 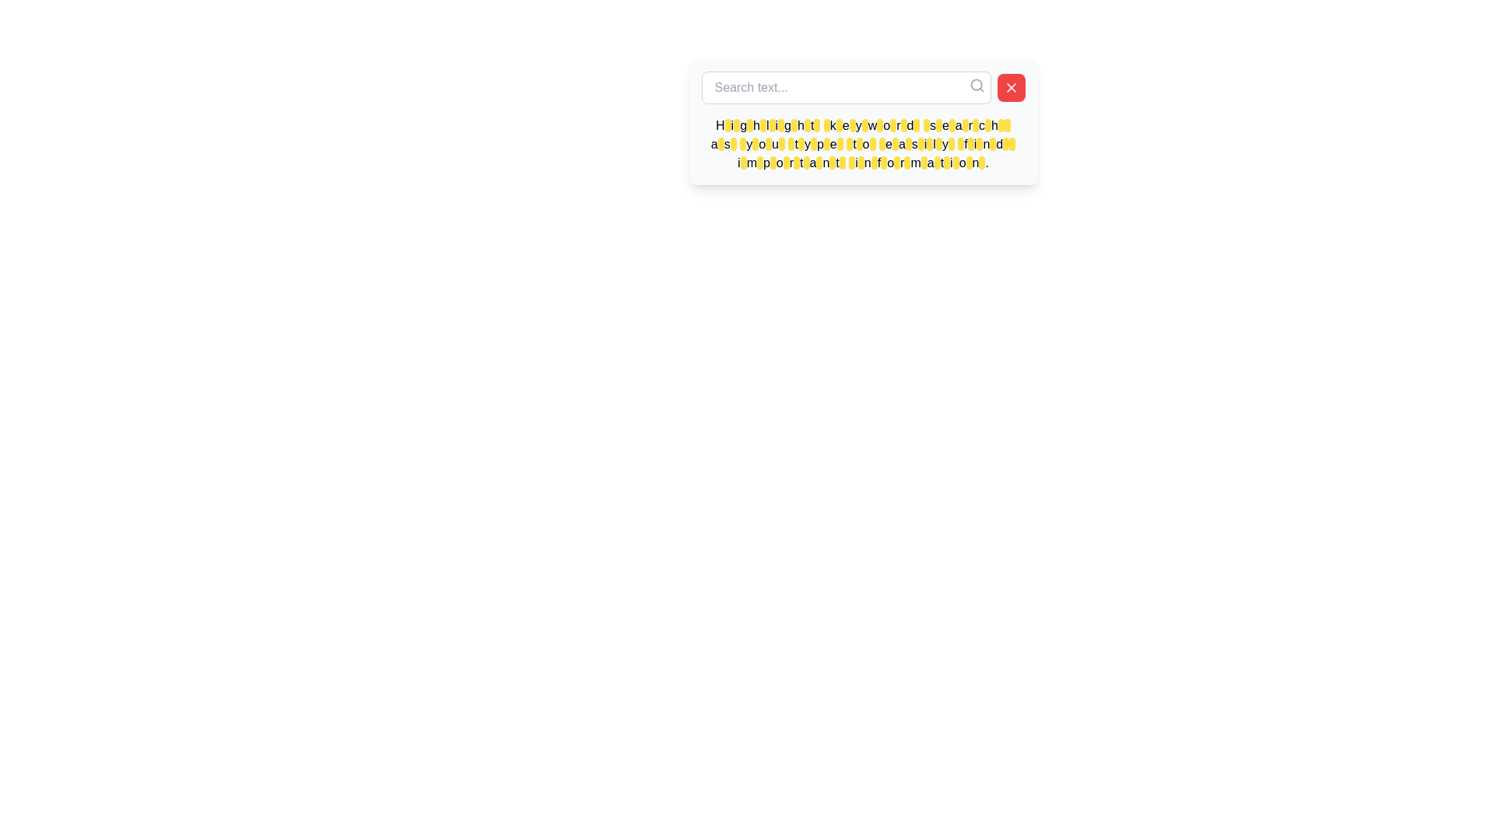 What do you see at coordinates (970, 144) in the screenshot?
I see `the 23rd yellow-highlighted rectangular area in the text block that explains keyword highlighting` at bounding box center [970, 144].